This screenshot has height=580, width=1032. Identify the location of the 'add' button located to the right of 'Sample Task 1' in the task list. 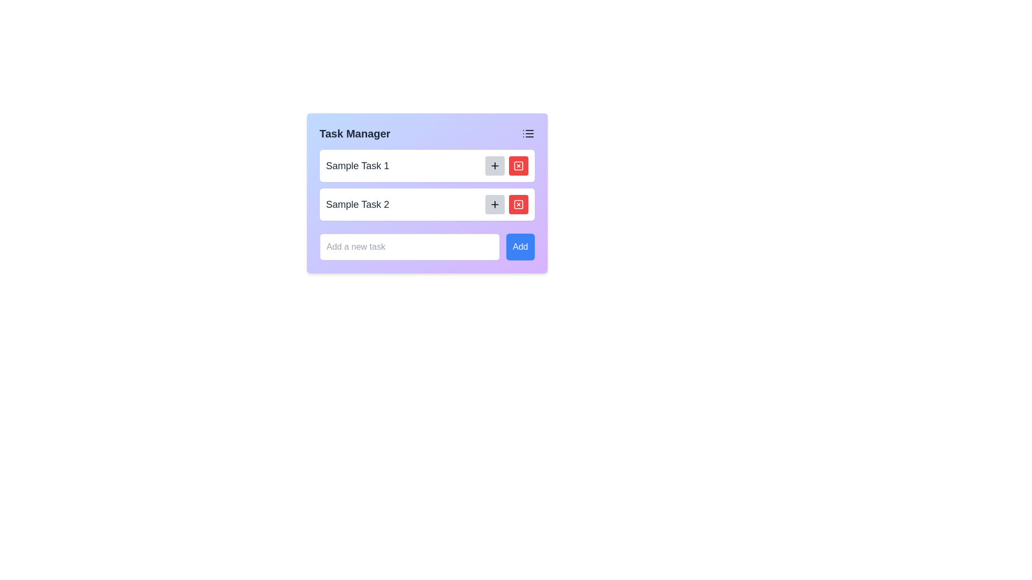
(494, 165).